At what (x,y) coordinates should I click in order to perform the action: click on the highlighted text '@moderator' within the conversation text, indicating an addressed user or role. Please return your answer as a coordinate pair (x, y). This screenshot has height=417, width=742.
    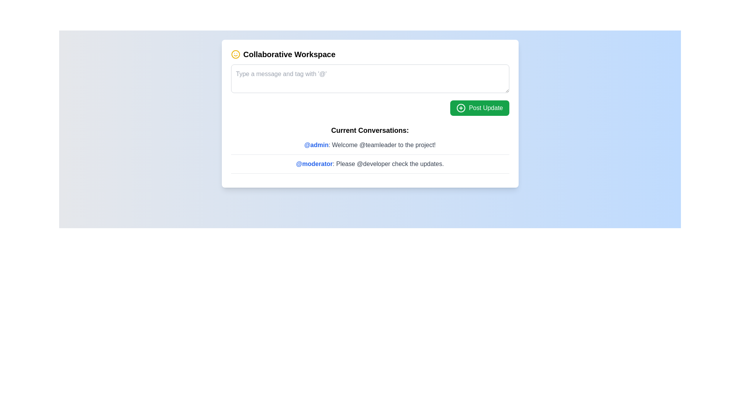
    Looking at the image, I should click on (314, 163).